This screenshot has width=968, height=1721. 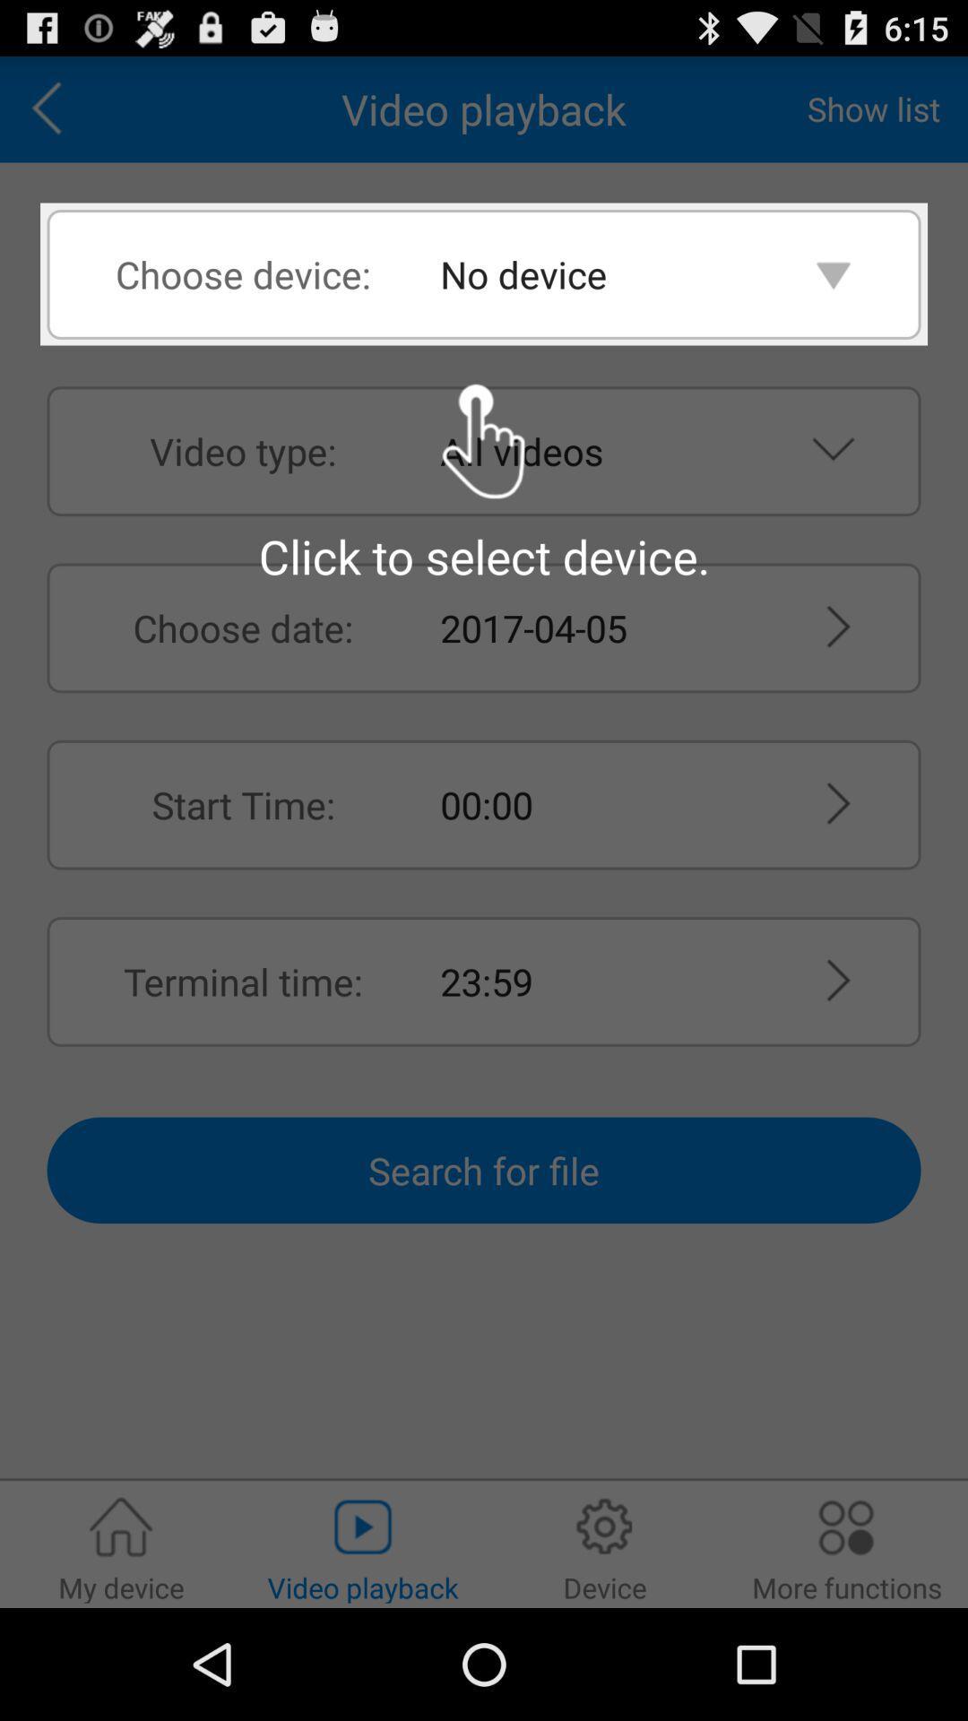 I want to click on the arrow_backward icon, so click(x=52, y=116).